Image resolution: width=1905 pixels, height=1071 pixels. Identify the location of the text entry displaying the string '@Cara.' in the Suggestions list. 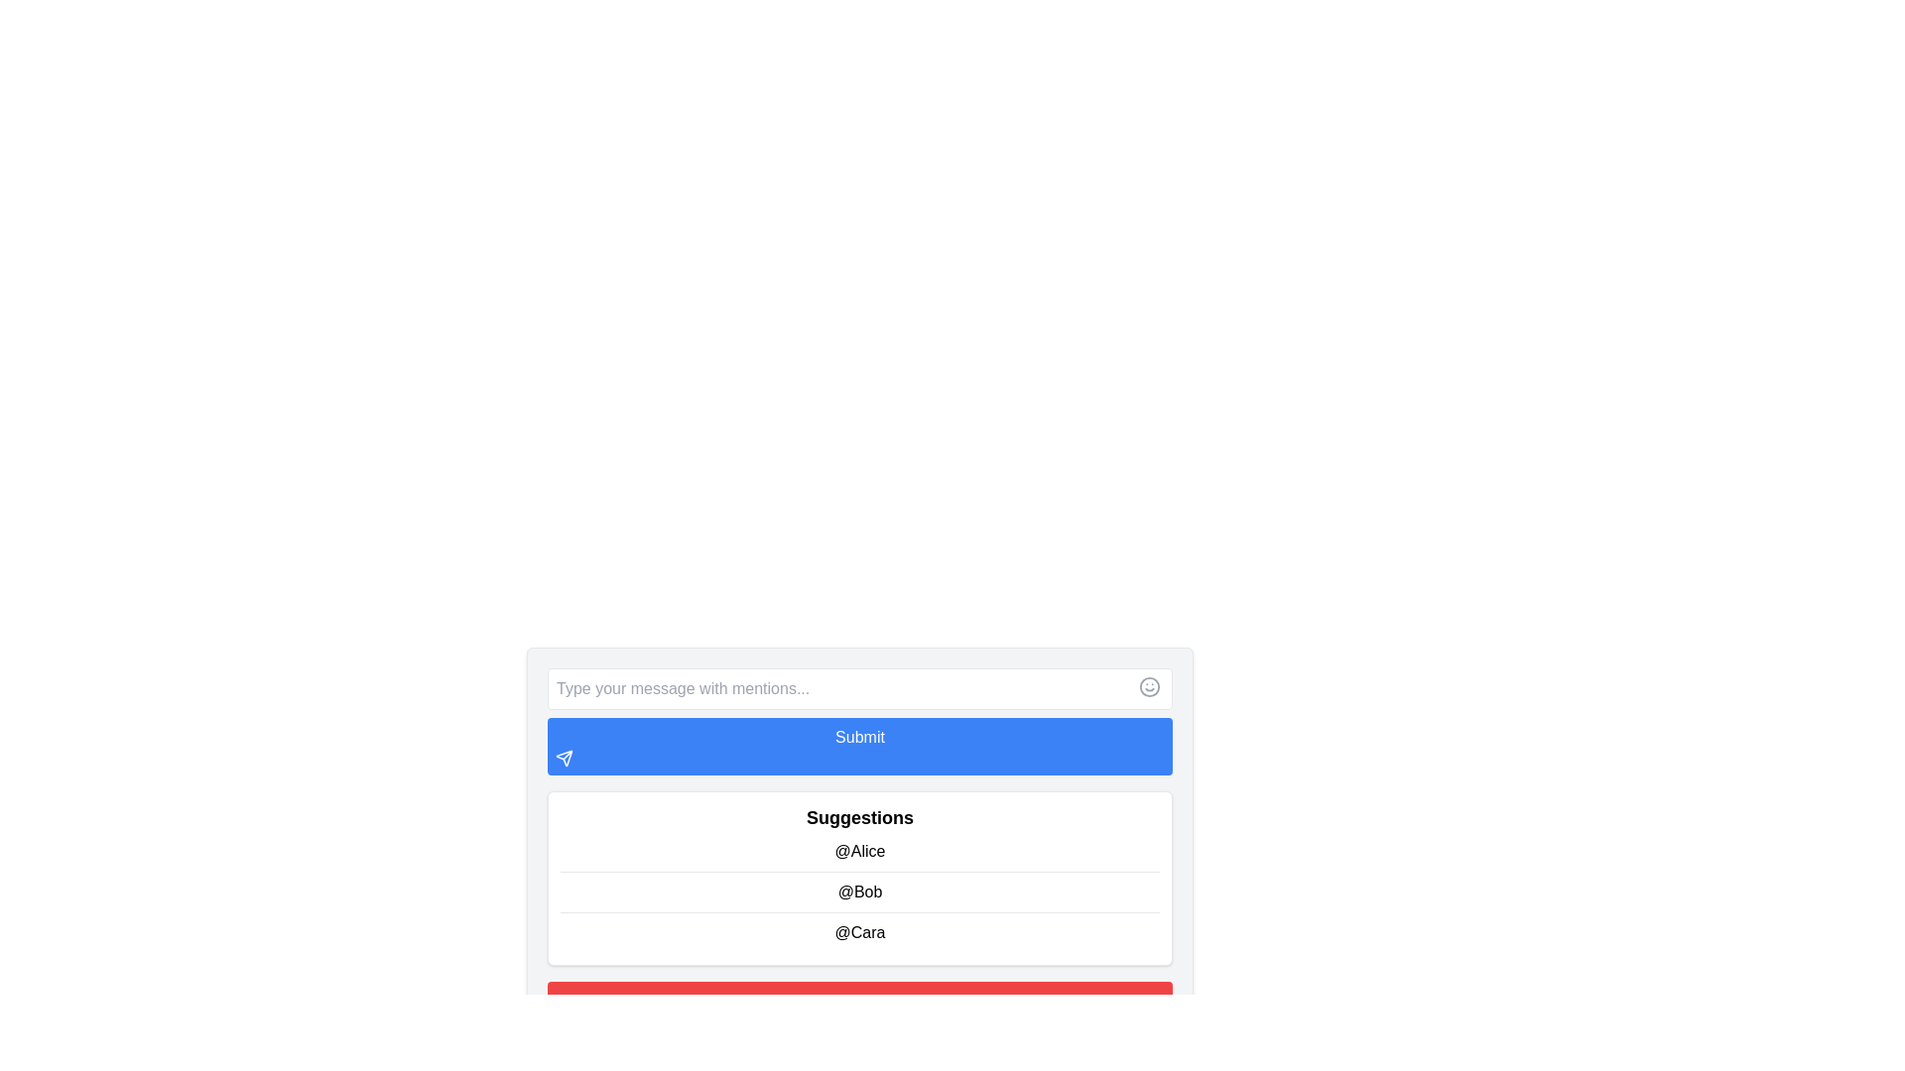
(860, 932).